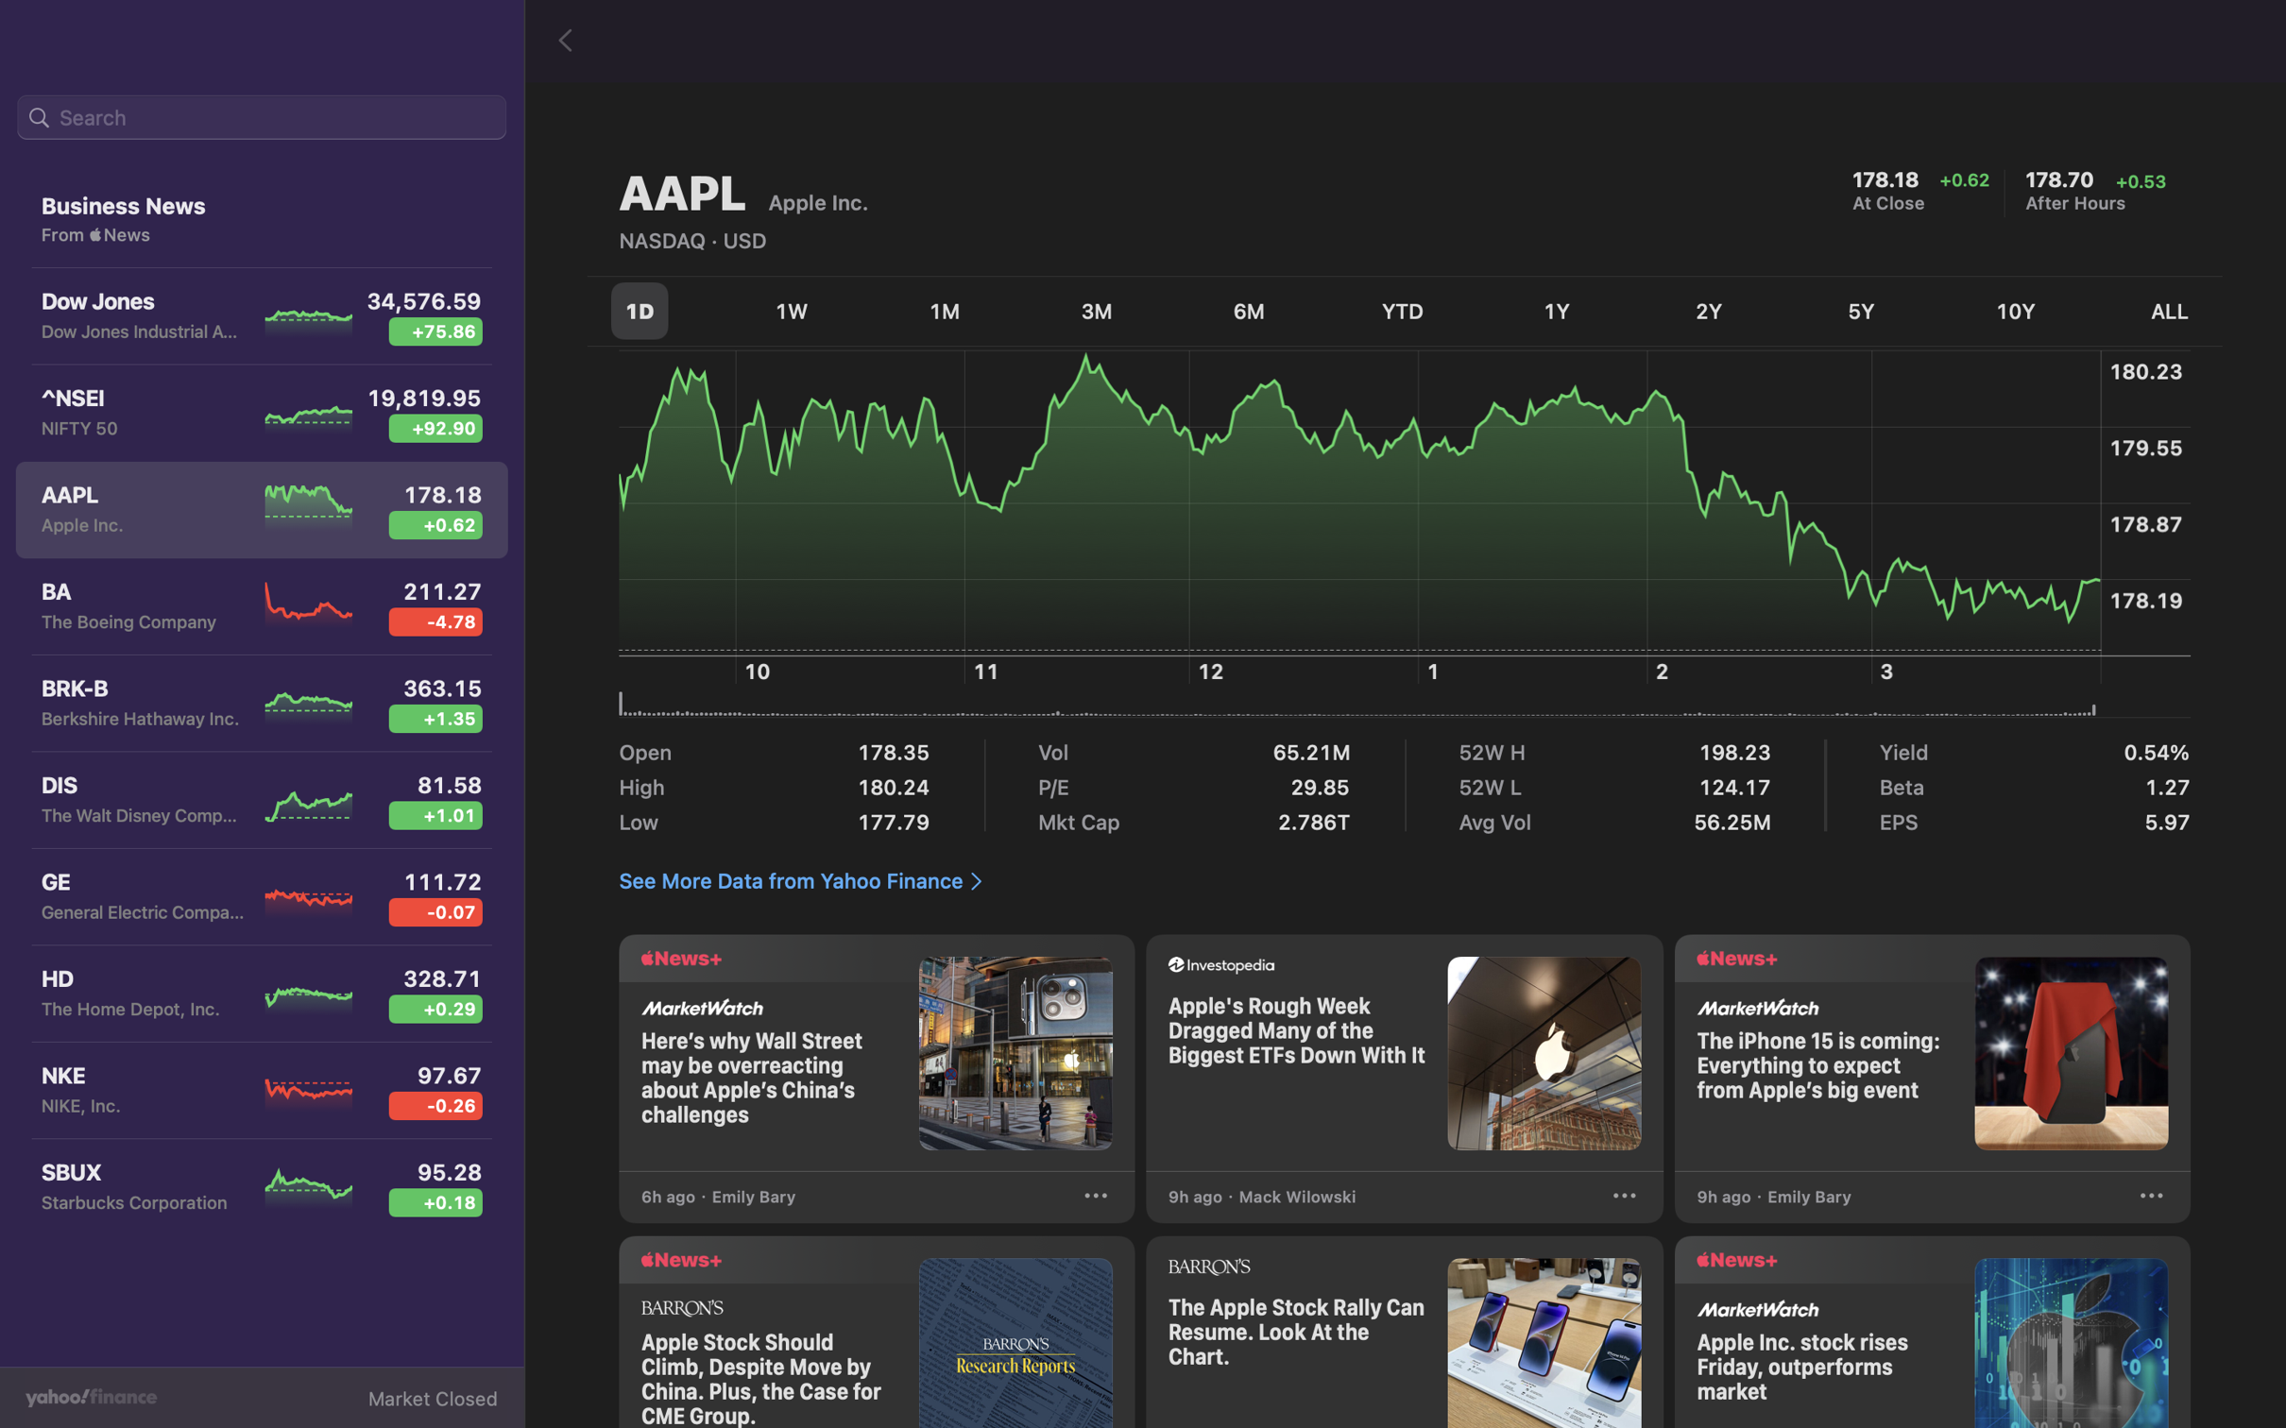 The height and width of the screenshot is (1428, 2286). What do you see at coordinates (947, 306) in the screenshot?
I see `to view stock price changes across the latest month` at bounding box center [947, 306].